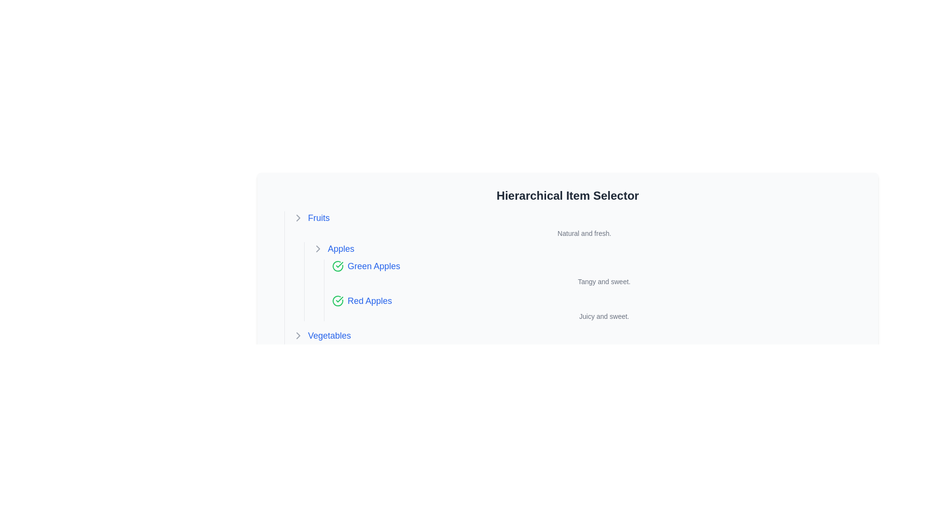 The image size is (927, 521). What do you see at coordinates (298, 218) in the screenshot?
I see `the rightwards-pointing gray chevron icon indicating expand/collapse functionality located at the leftmost part of the 'Fruits' row` at bounding box center [298, 218].